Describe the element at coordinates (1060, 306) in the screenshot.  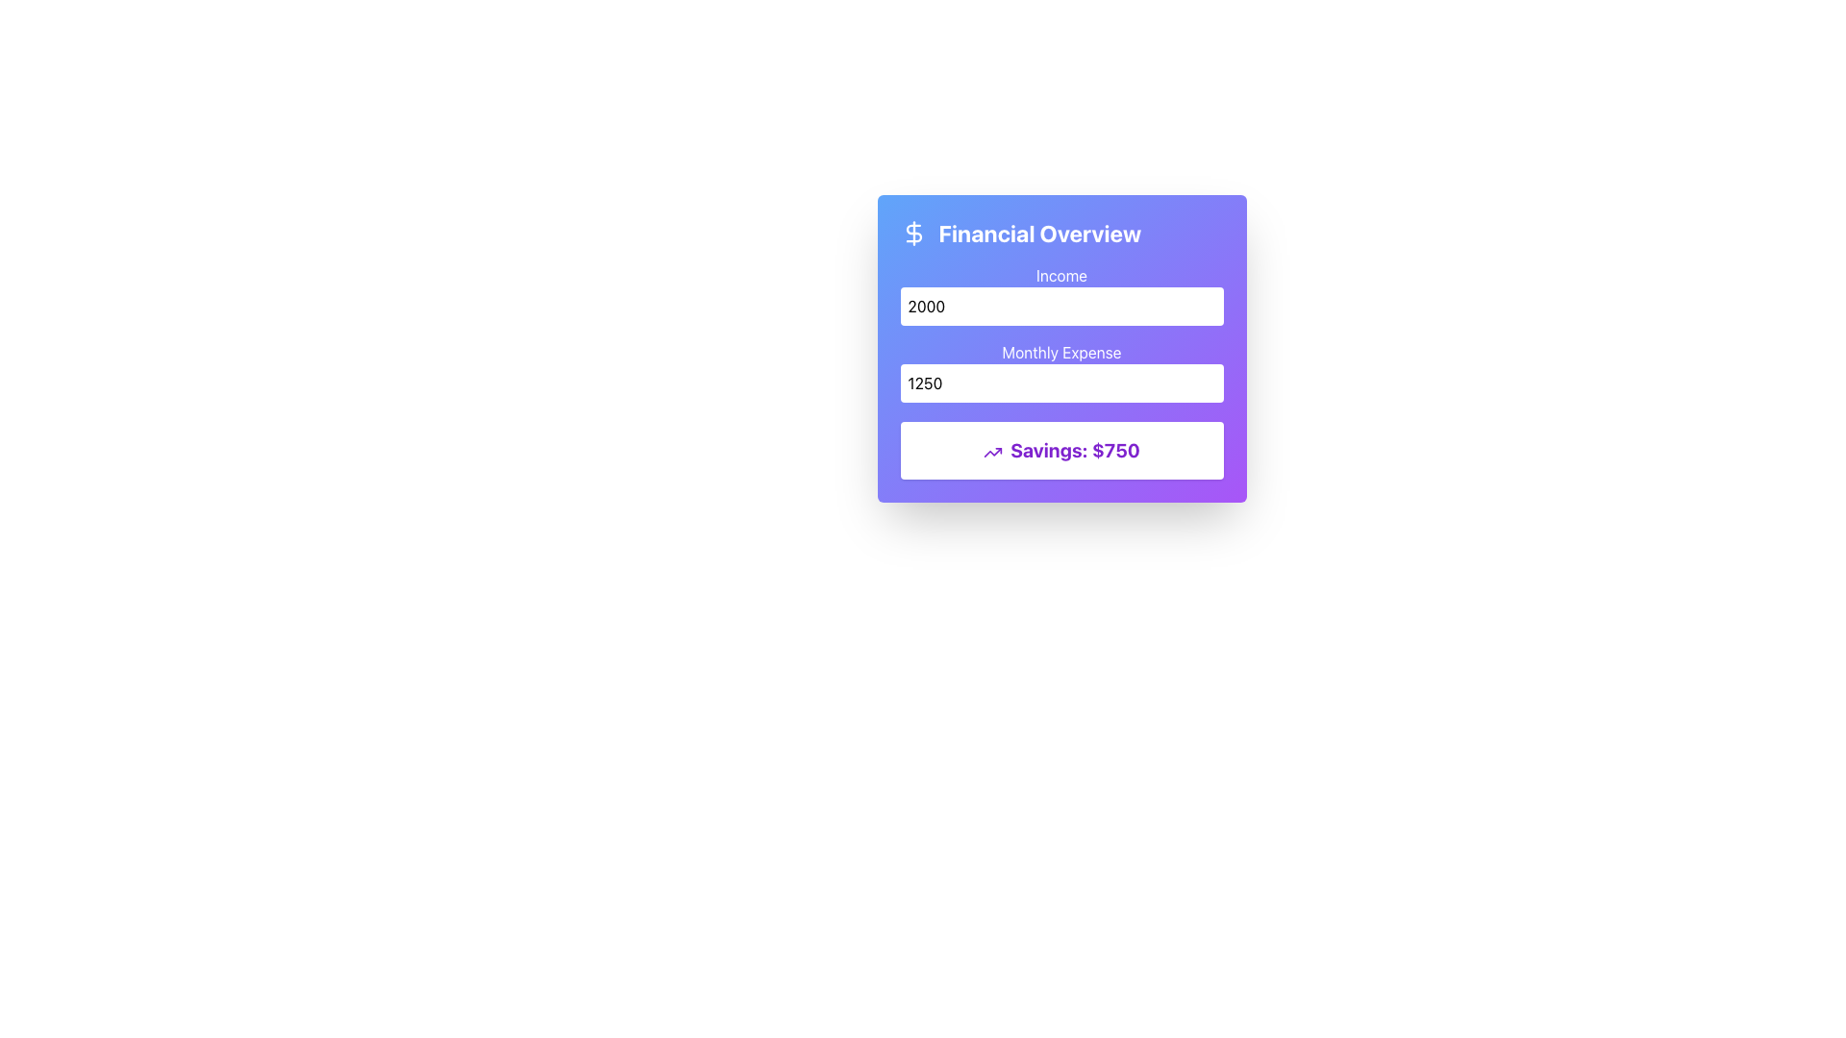
I see `the Number Input Field displaying the number '2000' to focus and edit its content` at that location.